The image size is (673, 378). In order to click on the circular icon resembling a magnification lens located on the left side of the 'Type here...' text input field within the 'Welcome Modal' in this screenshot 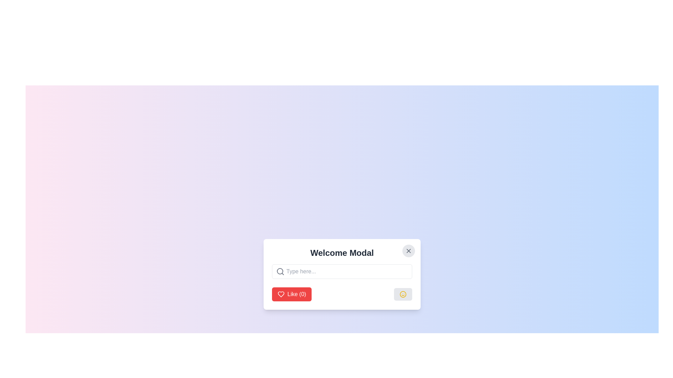, I will do `click(279, 271)`.